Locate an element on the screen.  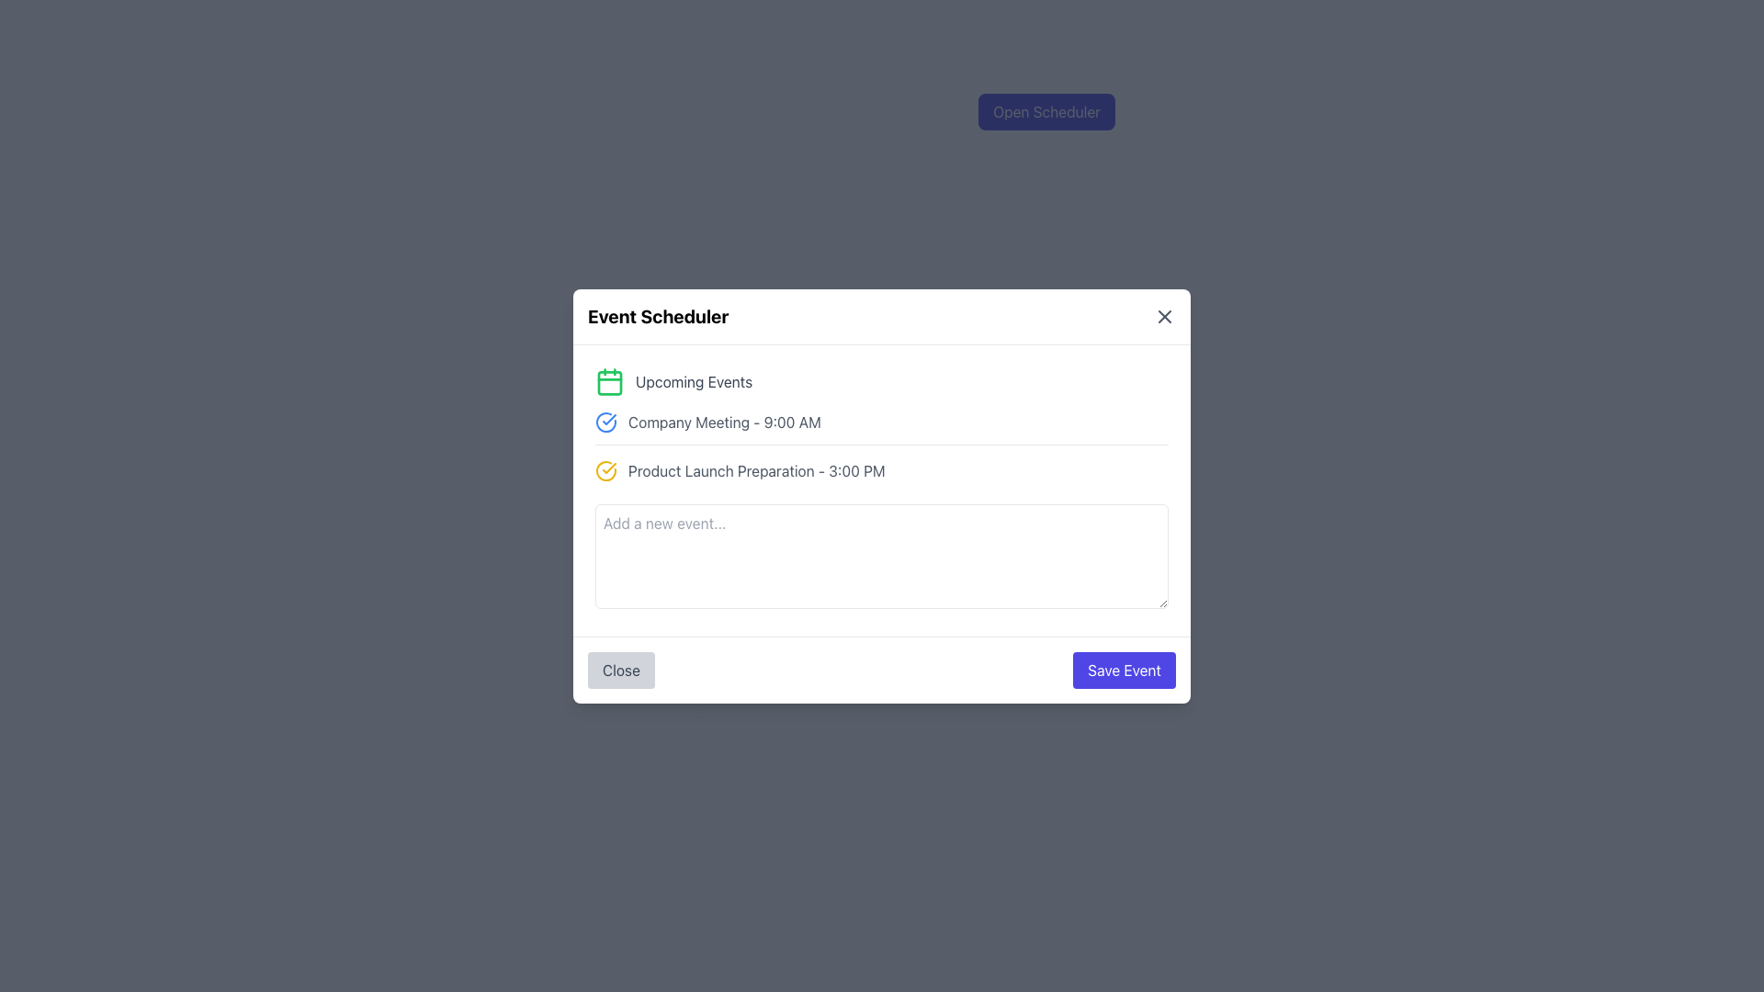
the close button located in the top-right corner of the Event Scheduler dialog box is located at coordinates (1163, 314).